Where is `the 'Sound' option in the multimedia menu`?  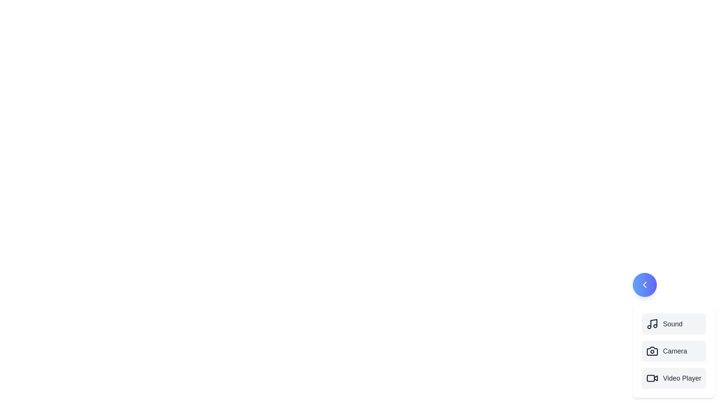 the 'Sound' option in the multimedia menu is located at coordinates (673, 324).